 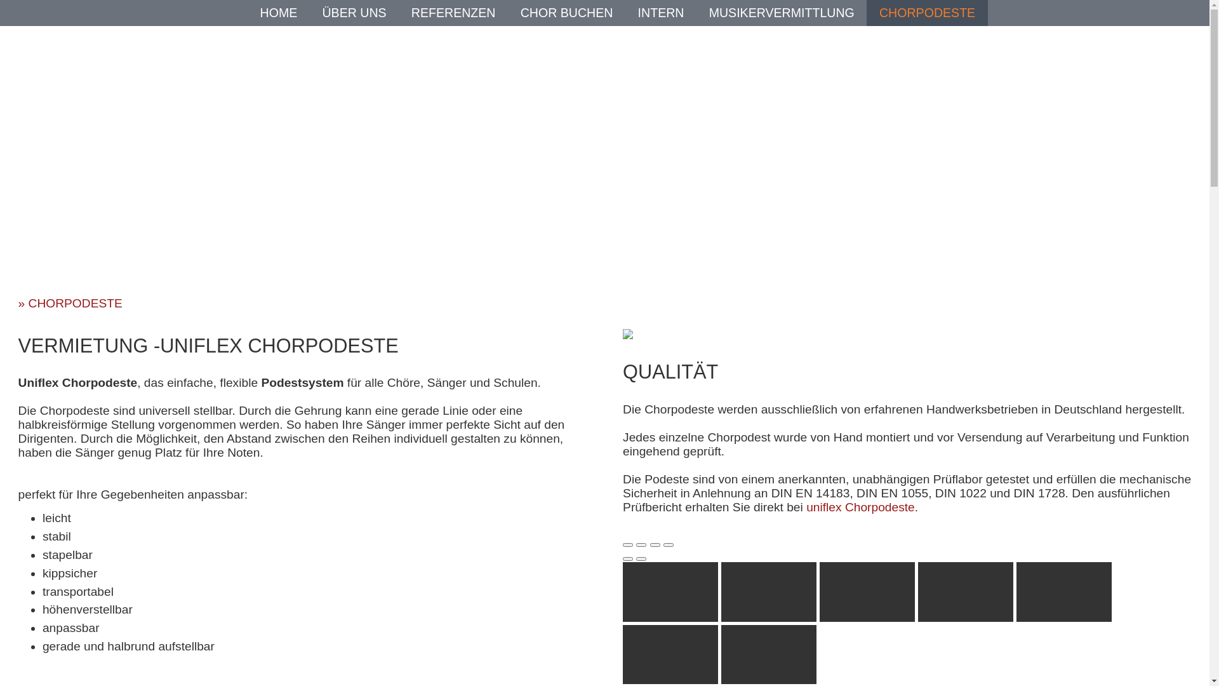 What do you see at coordinates (781, 12) in the screenshot?
I see `'MUSIKERVERMITTLUNG'` at bounding box center [781, 12].